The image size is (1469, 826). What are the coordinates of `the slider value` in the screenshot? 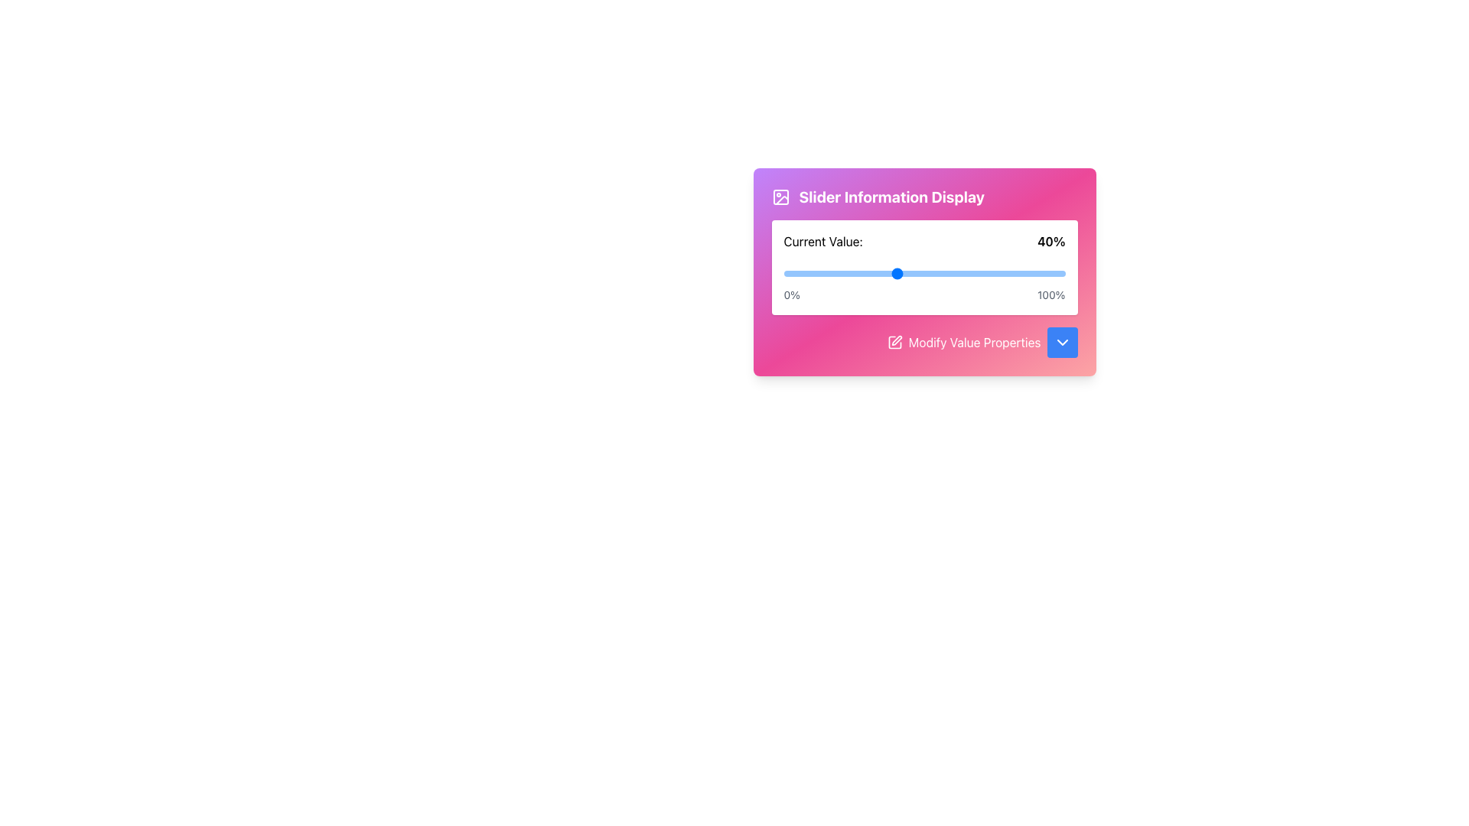 It's located at (814, 273).